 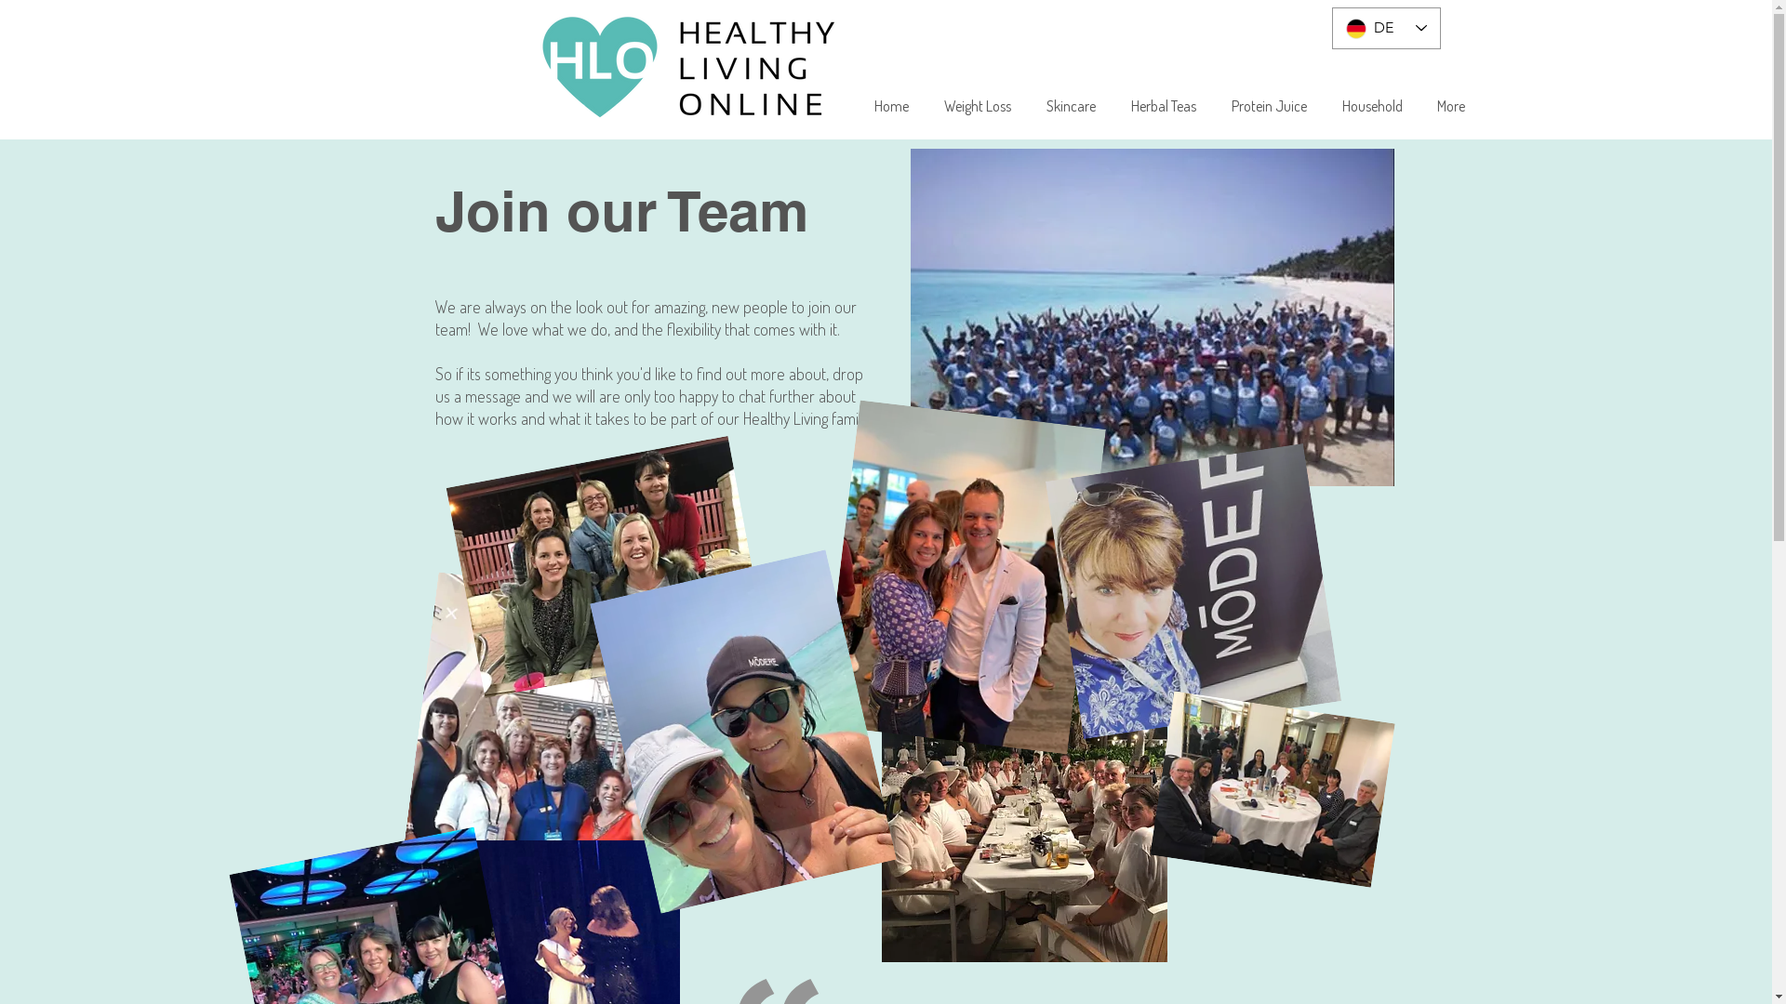 I want to click on 'Home', so click(x=890, y=106).